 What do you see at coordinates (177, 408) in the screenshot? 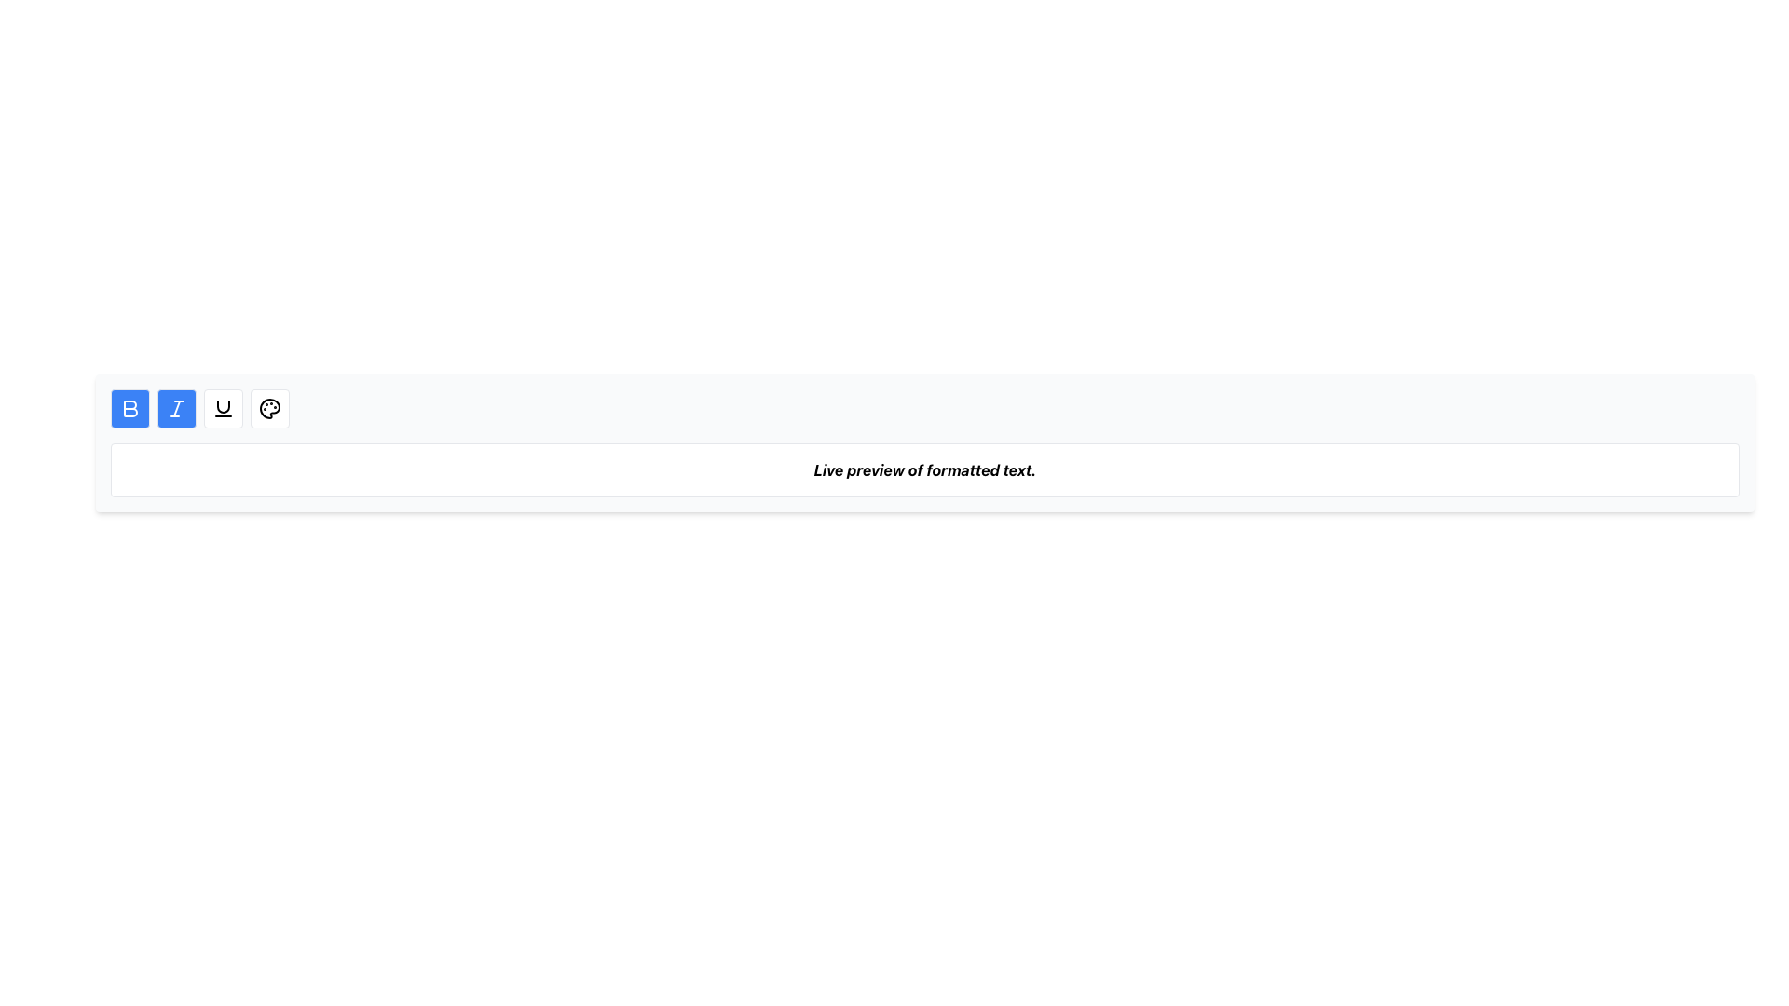
I see `the diagonal line element within the italicization icon` at bounding box center [177, 408].